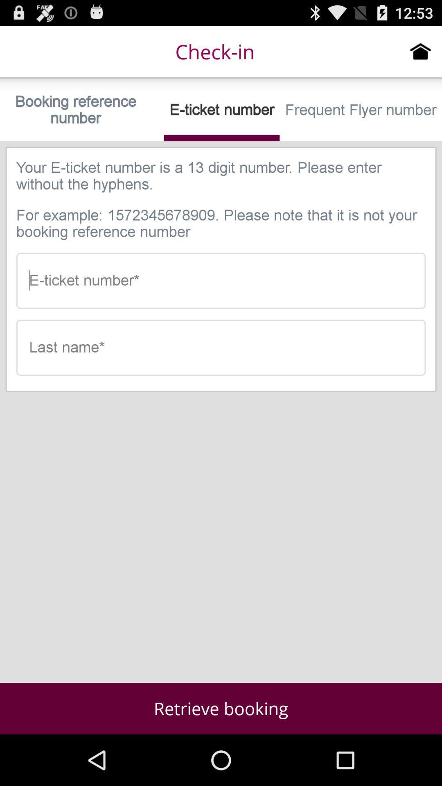 The image size is (442, 786). What do you see at coordinates (420, 51) in the screenshot?
I see `click home icon` at bounding box center [420, 51].